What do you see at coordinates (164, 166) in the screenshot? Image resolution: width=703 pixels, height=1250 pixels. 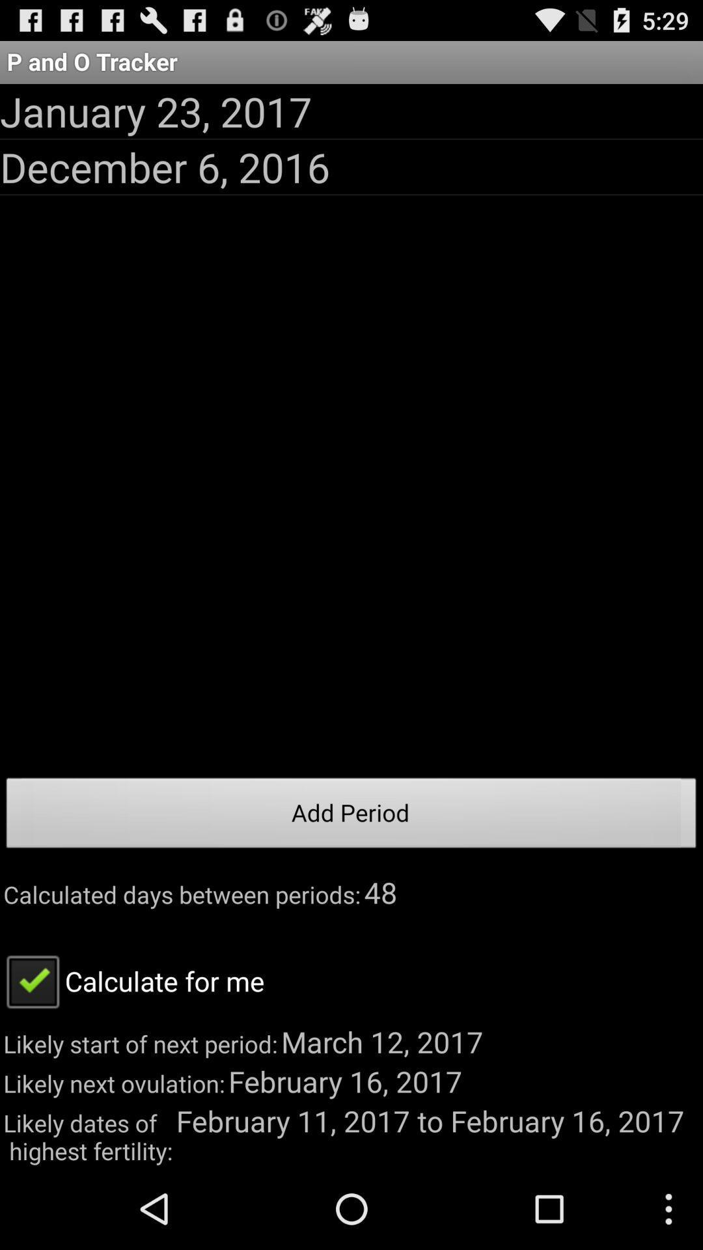 I see `icon above the add period` at bounding box center [164, 166].